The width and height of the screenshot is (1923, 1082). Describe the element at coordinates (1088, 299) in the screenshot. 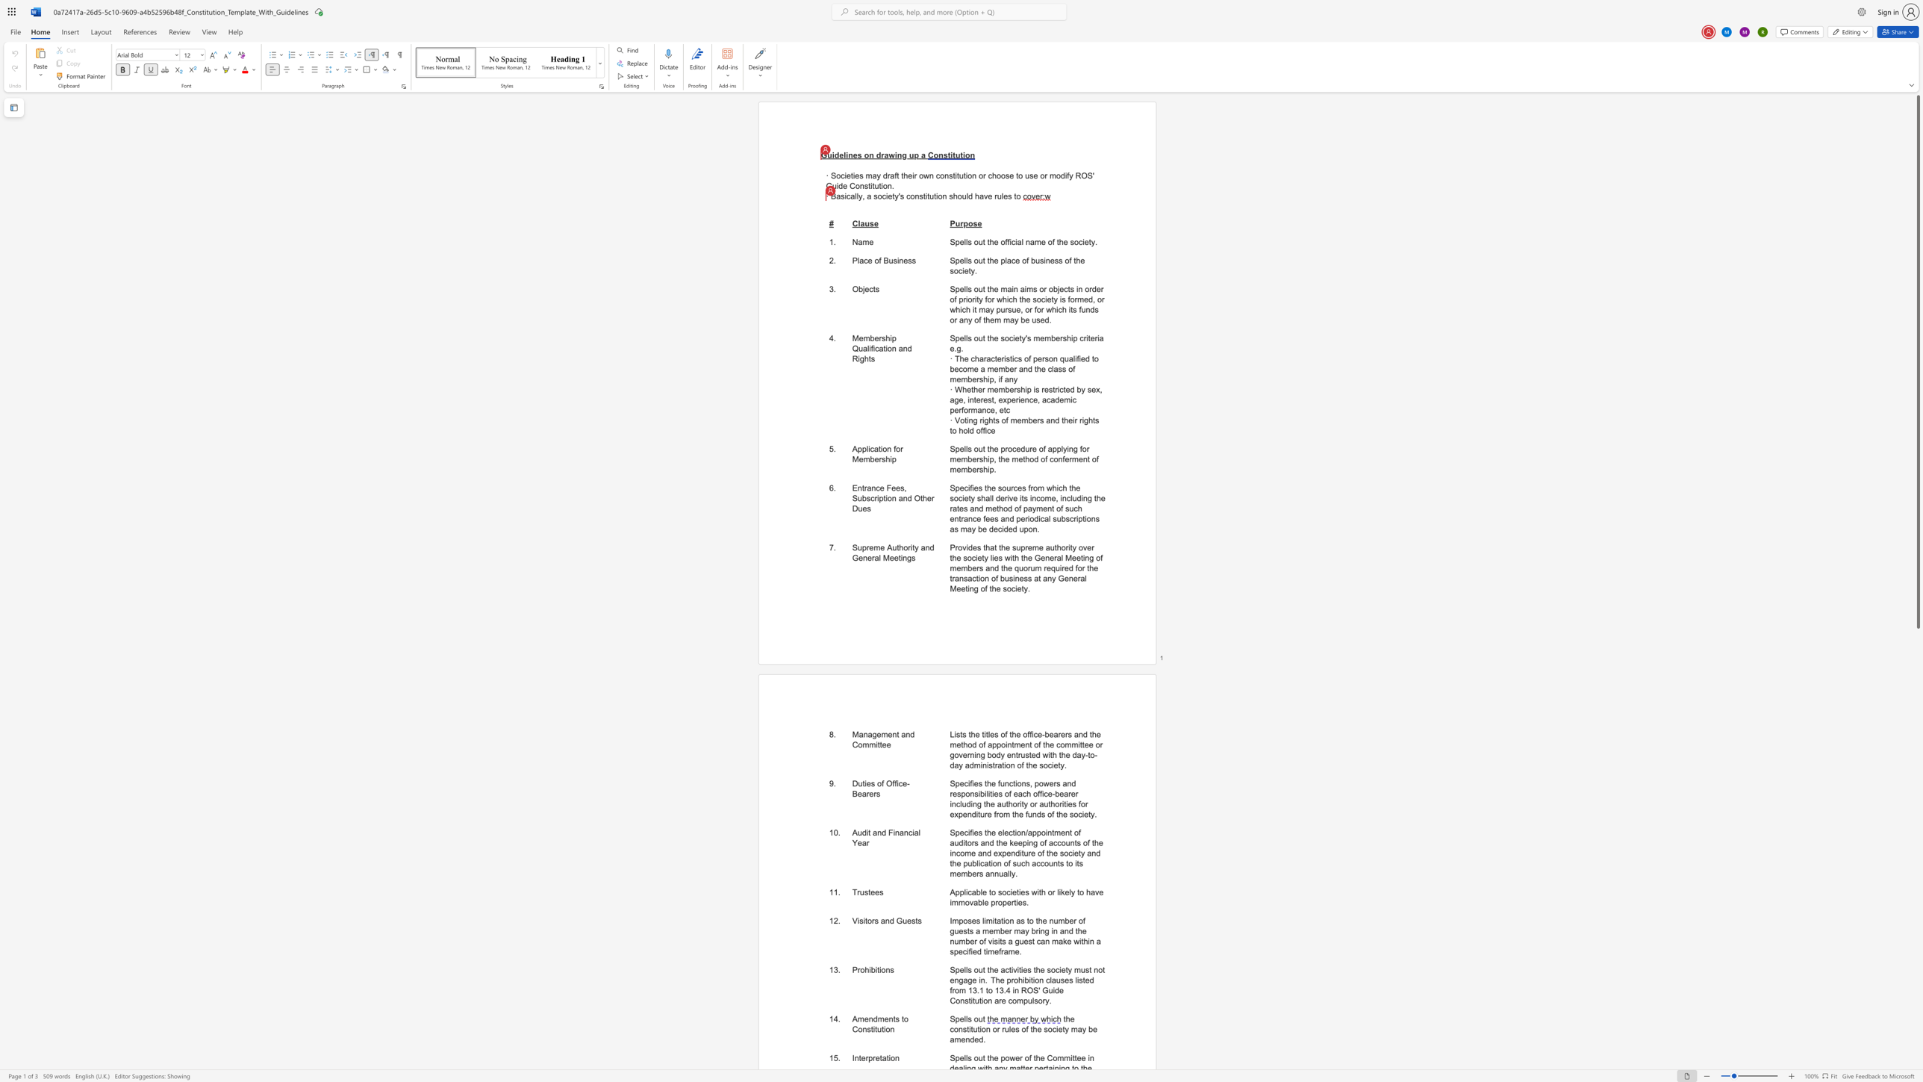

I see `the subset text "d, or wh" within the text "Spells out the main aims or objects in order of priority for which the society is formed, or which it may pursue, or for which its funds or any of them may be used."` at that location.